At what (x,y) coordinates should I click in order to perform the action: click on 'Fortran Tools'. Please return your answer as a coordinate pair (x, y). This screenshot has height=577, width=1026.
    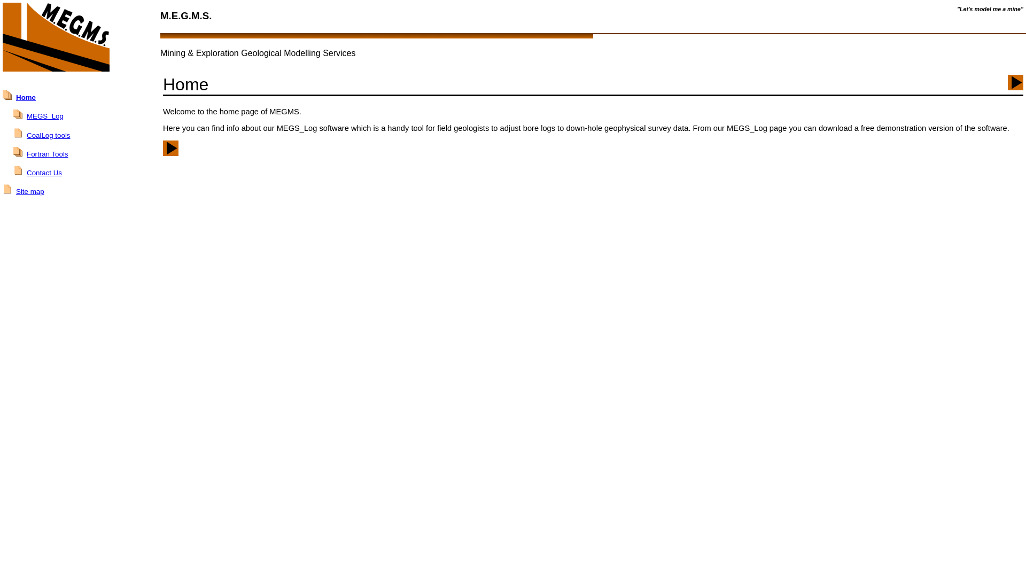
    Looking at the image, I should click on (47, 154).